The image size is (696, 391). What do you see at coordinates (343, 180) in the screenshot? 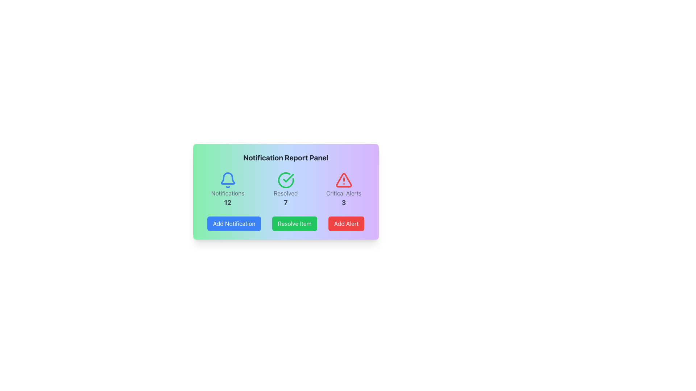
I see `the critical alerts icon located next to the 'Critical Alerts' label in the Notification Report Panel` at bounding box center [343, 180].